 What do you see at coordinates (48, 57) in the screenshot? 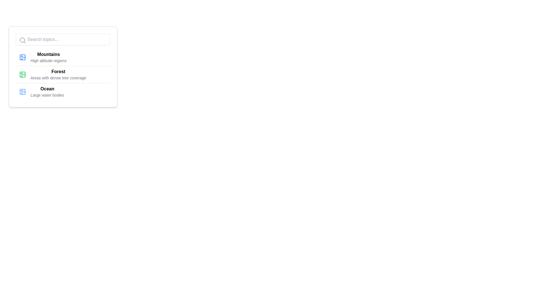
I see `the label that displays 'Mountains' with a bold first line and a smaller second line describing 'High altitude regions', positioned to the right of a mountain landscape icon` at bounding box center [48, 57].